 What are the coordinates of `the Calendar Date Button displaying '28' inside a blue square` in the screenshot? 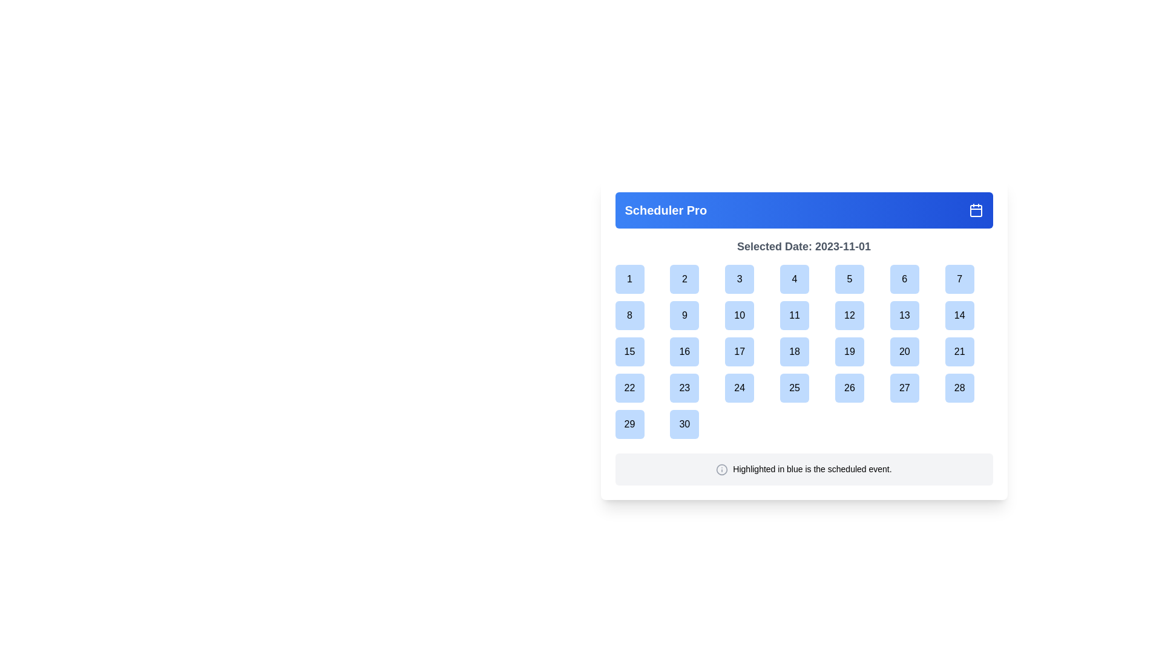 It's located at (969, 388).